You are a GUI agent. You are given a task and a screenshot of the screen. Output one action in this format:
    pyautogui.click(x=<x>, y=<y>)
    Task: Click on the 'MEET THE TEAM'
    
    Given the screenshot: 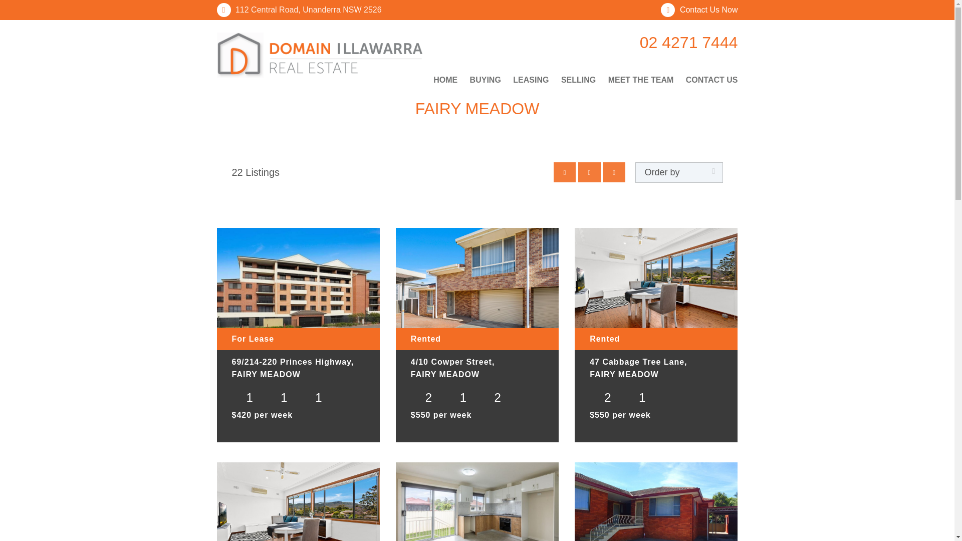 What is the action you would take?
    pyautogui.click(x=640, y=79)
    